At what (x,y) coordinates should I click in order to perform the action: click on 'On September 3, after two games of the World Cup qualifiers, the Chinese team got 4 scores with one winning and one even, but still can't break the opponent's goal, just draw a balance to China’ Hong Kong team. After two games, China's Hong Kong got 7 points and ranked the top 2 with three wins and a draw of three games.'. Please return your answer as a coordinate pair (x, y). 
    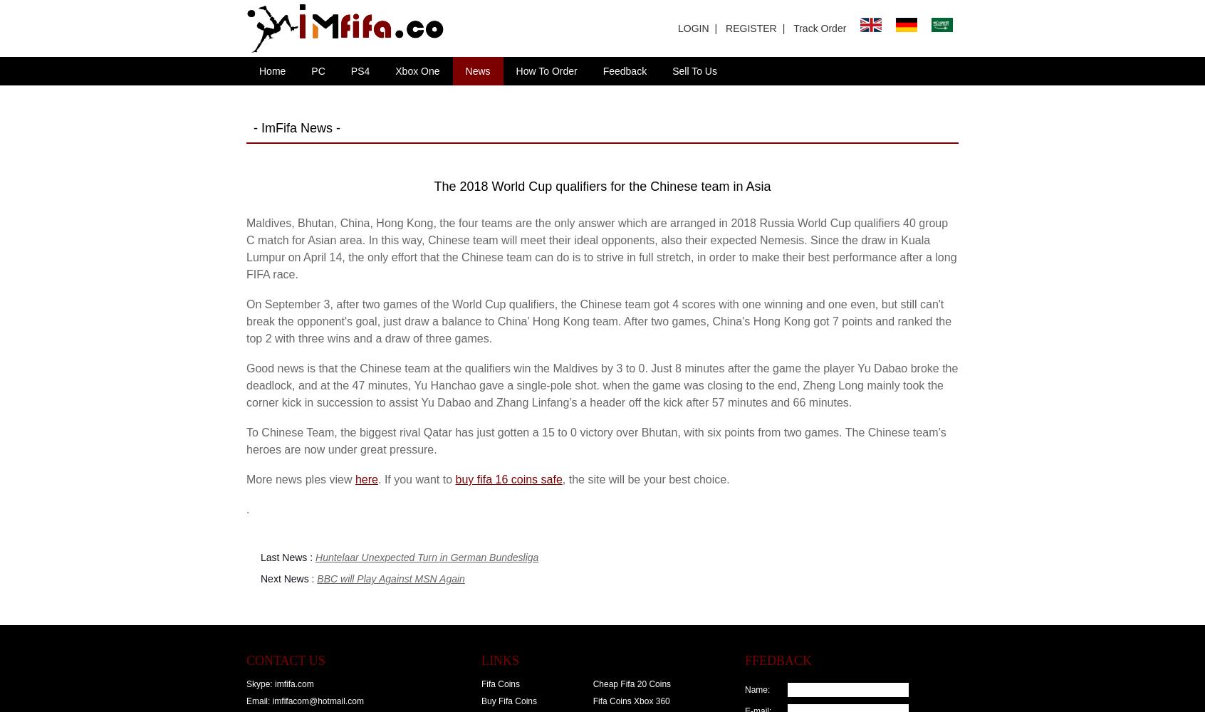
    Looking at the image, I should click on (246, 320).